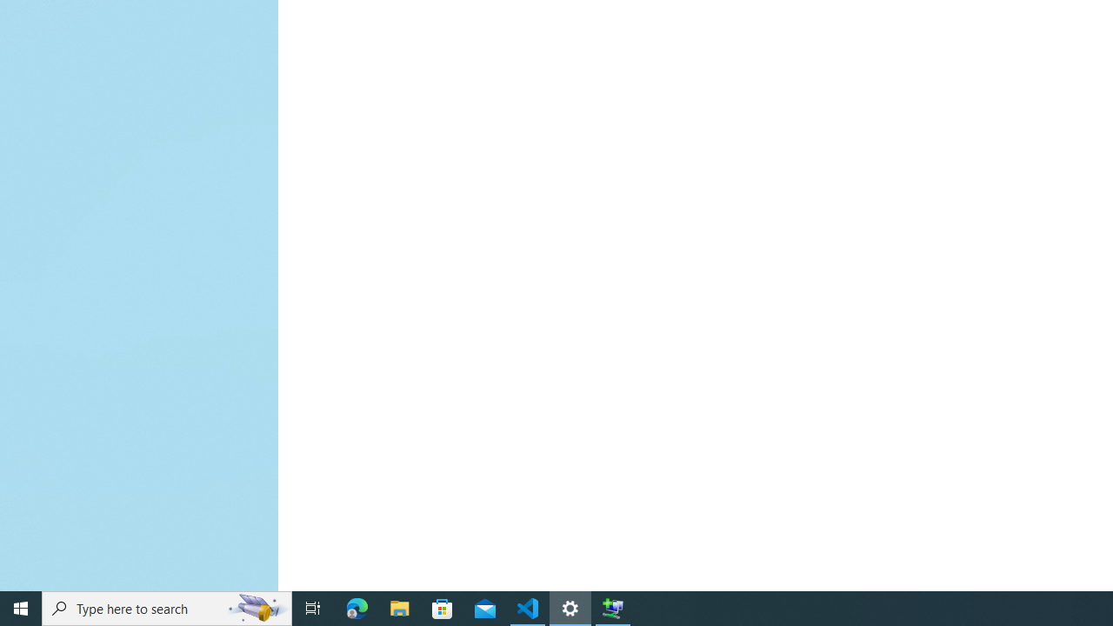  Describe the element at coordinates (443, 607) in the screenshot. I see `'Microsoft Store'` at that location.